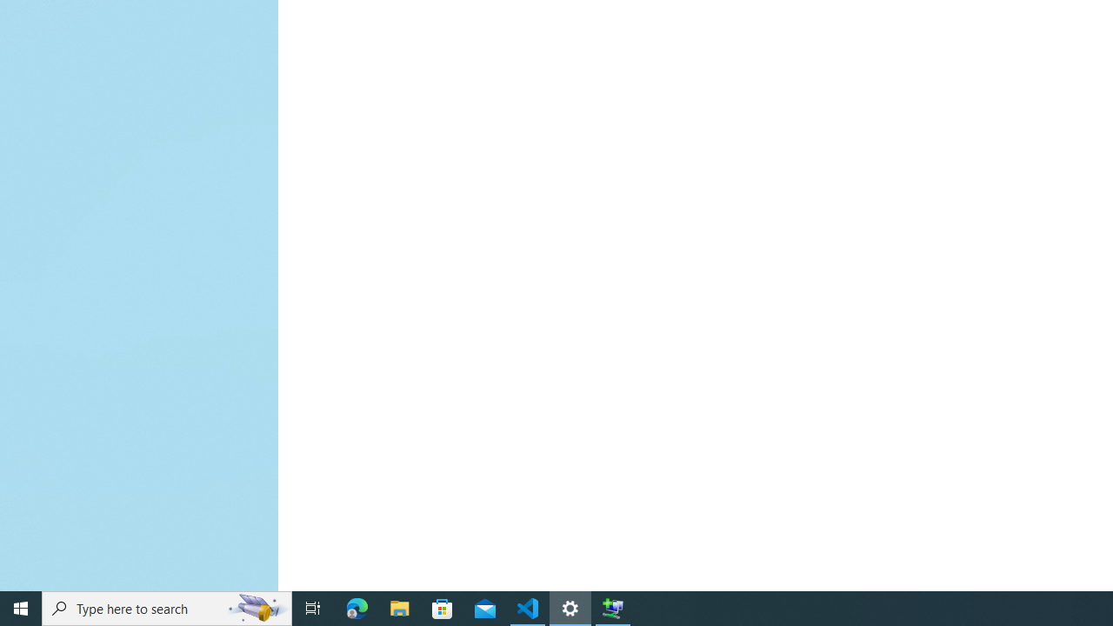  Describe the element at coordinates (443, 607) in the screenshot. I see `'Microsoft Store'` at that location.